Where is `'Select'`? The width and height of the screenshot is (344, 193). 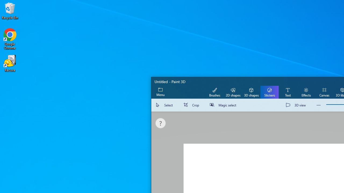
'Select' is located at coordinates (165, 105).